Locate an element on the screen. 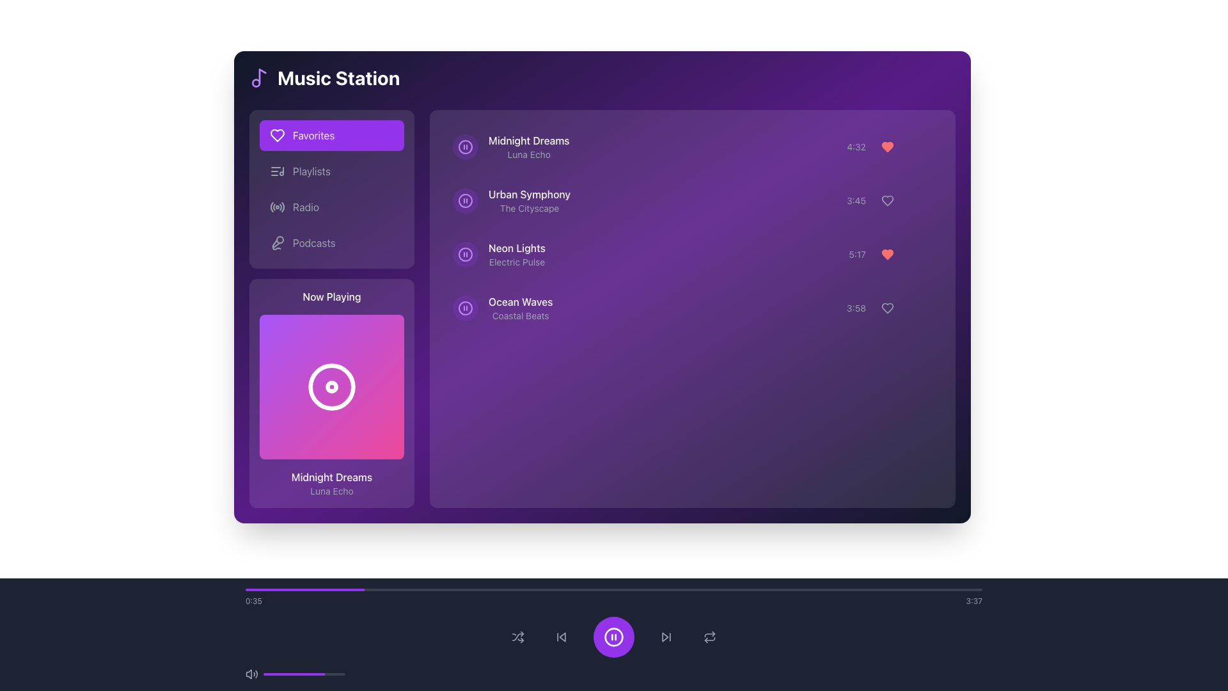  styling or alignment of the decorative vector graphic circle within the 'Midnight Dreams' song item on the playlist interface is located at coordinates (465, 147).